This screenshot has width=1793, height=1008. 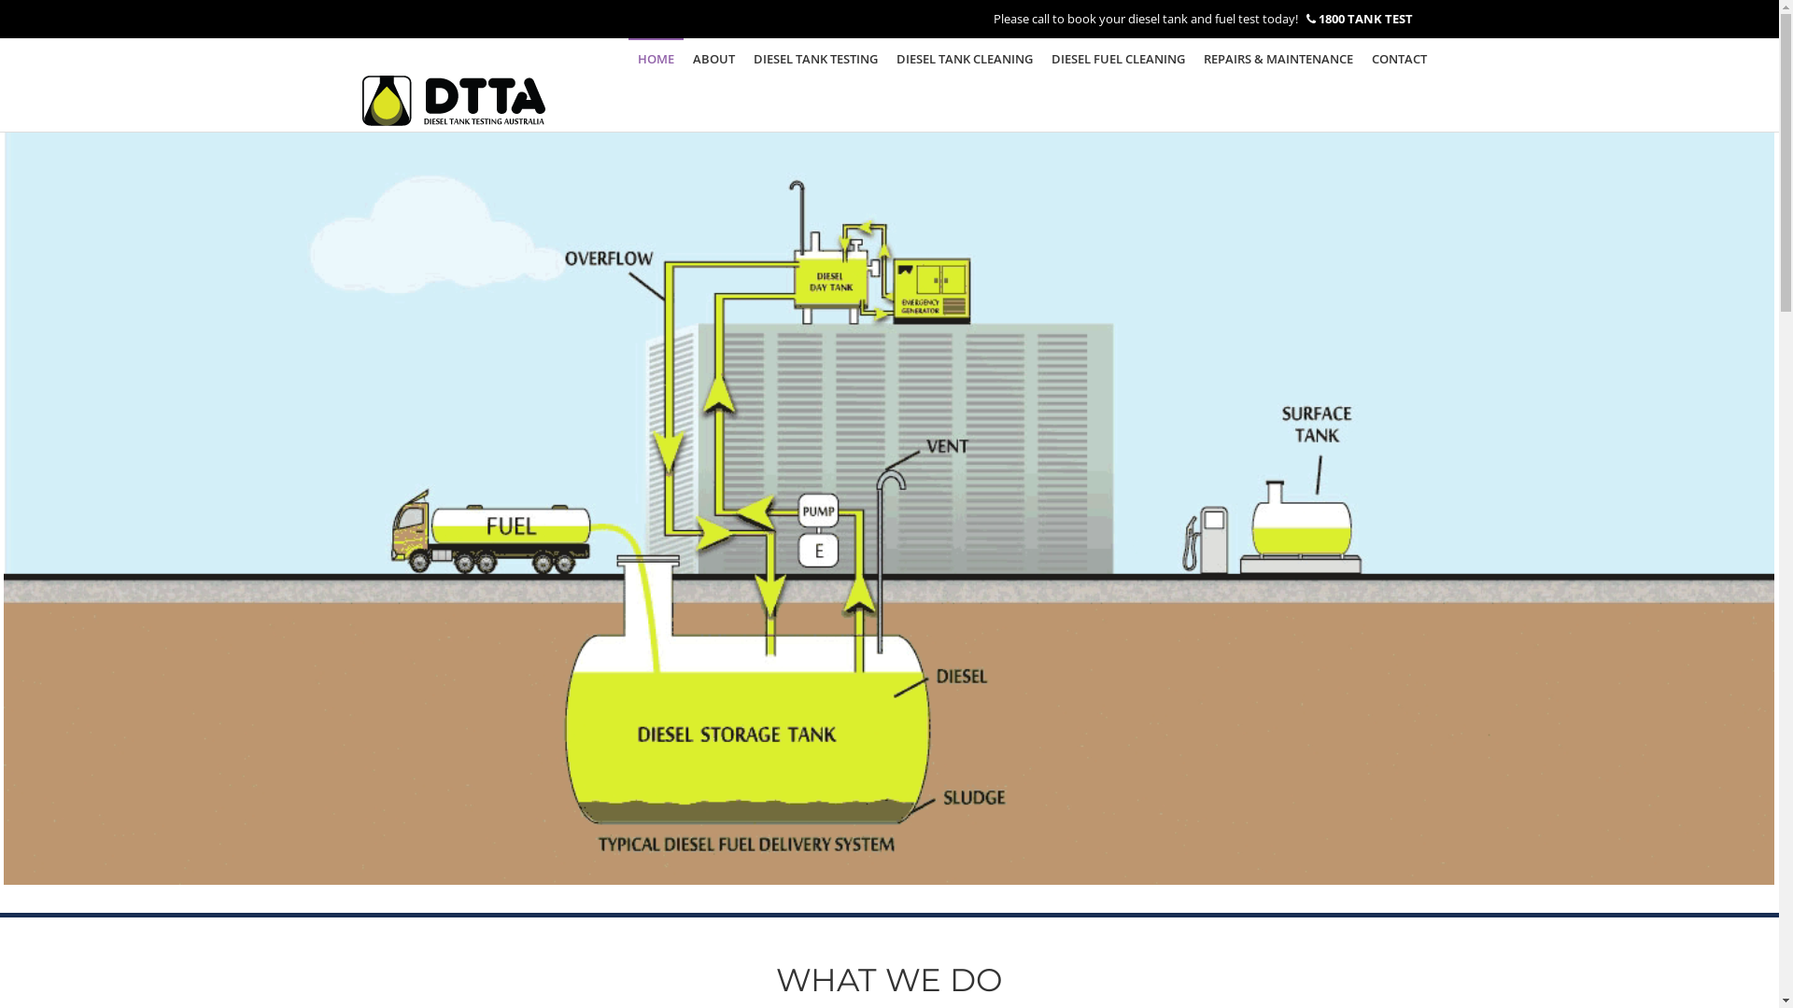 I want to click on '1800 TANK TEST', so click(x=1365, y=18).